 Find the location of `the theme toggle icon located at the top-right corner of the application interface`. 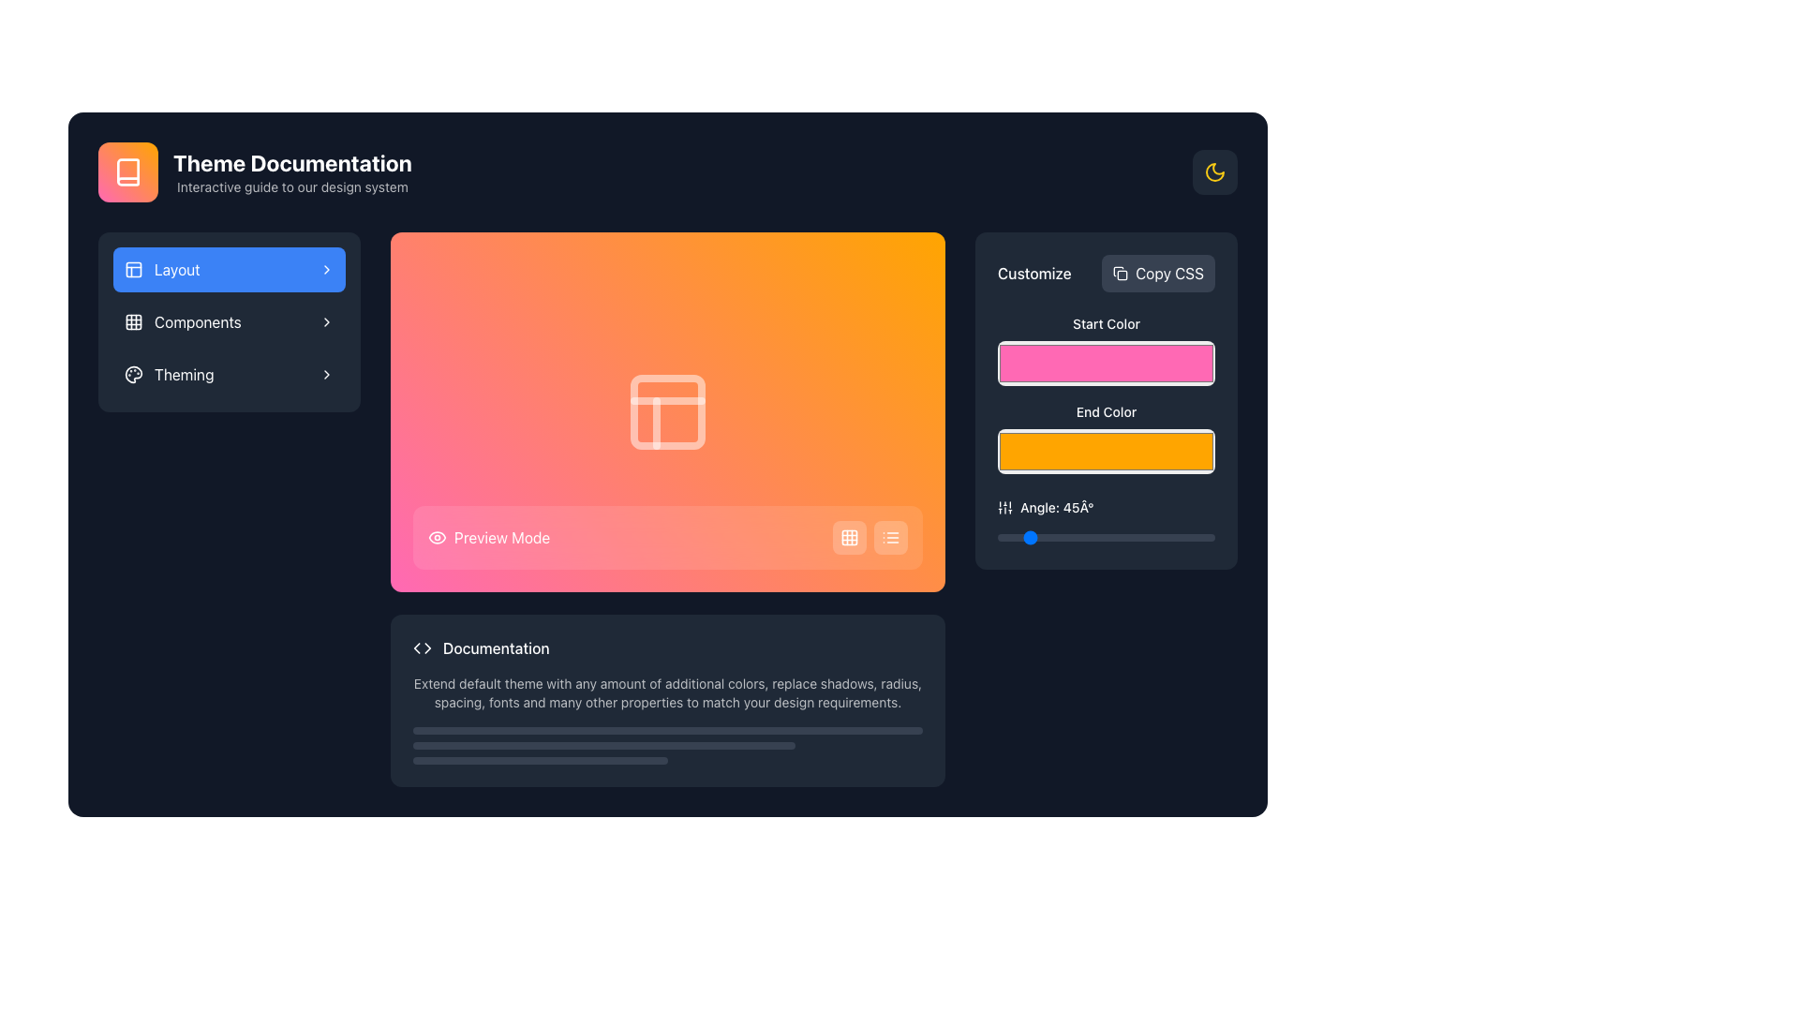

the theme toggle icon located at the top-right corner of the application interface is located at coordinates (1214, 172).